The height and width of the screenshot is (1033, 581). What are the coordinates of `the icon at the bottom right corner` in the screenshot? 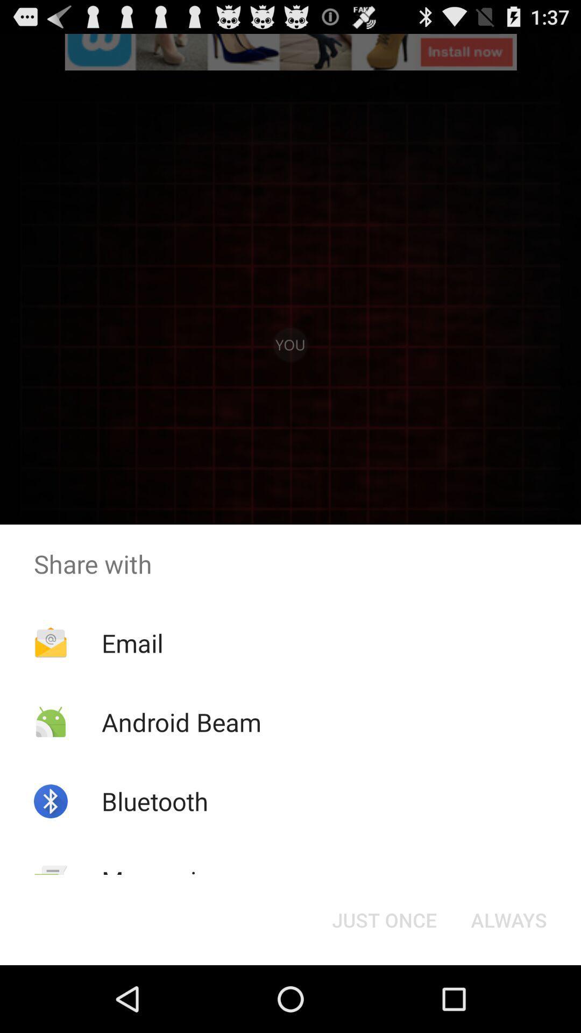 It's located at (508, 919).